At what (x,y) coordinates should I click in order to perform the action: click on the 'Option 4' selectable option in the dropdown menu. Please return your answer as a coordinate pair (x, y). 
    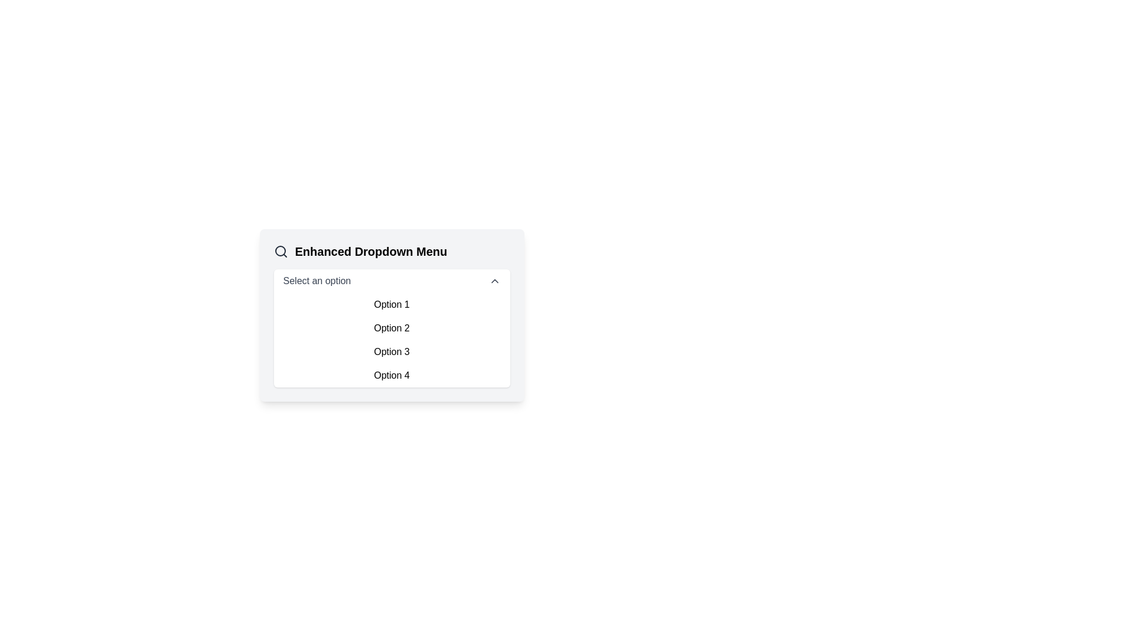
    Looking at the image, I should click on (392, 376).